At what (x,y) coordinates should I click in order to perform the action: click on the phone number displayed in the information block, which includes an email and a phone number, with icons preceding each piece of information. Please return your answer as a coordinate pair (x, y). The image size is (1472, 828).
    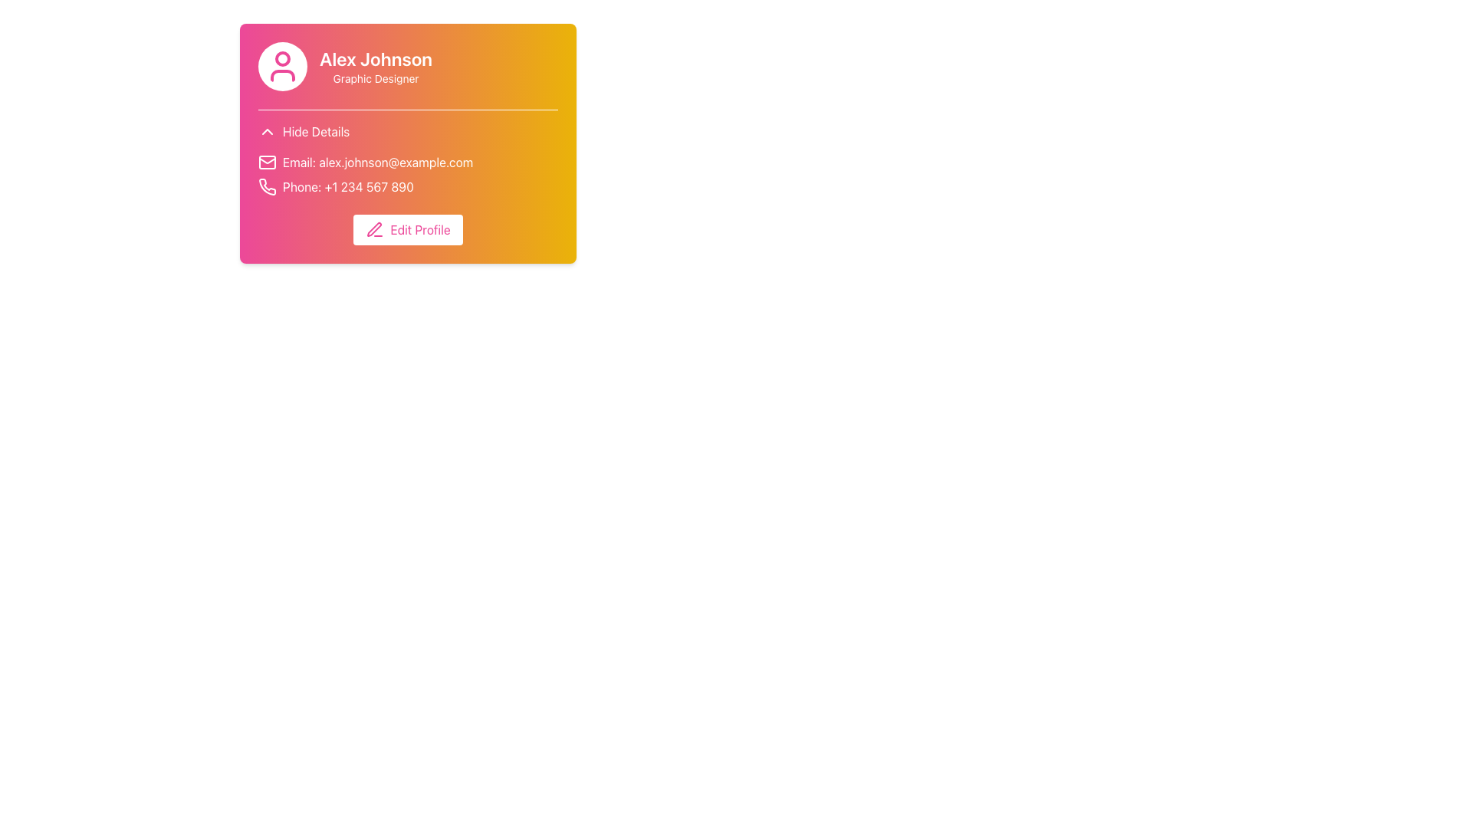
    Looking at the image, I should click on (408, 173).